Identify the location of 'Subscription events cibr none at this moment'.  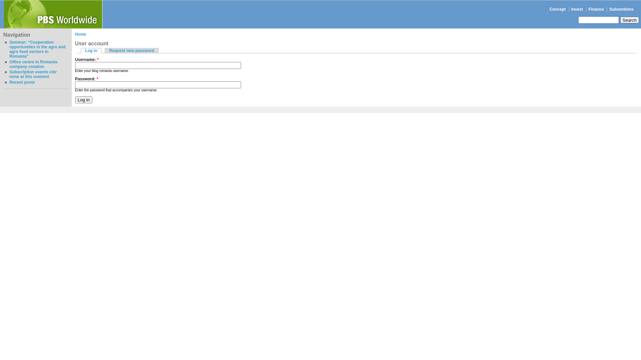
(33, 74).